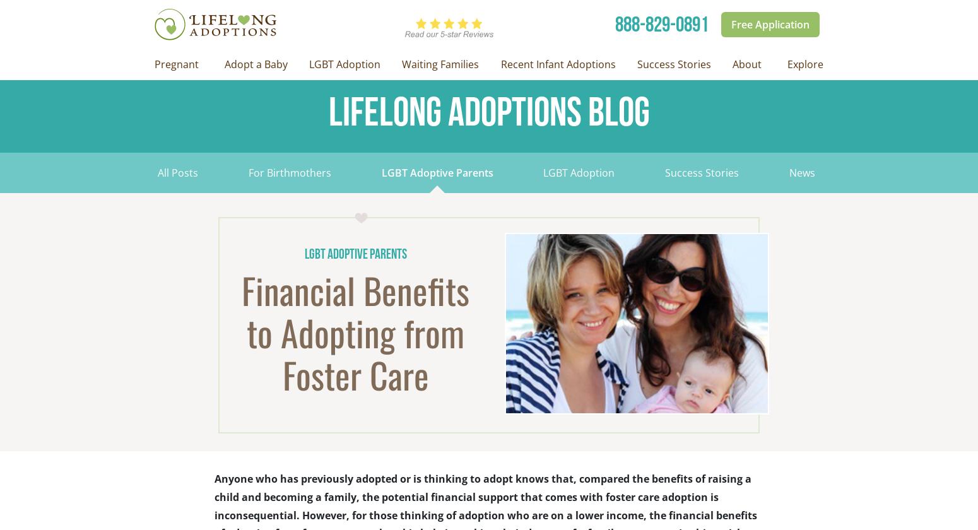  What do you see at coordinates (804, 64) in the screenshot?
I see `'Explore'` at bounding box center [804, 64].